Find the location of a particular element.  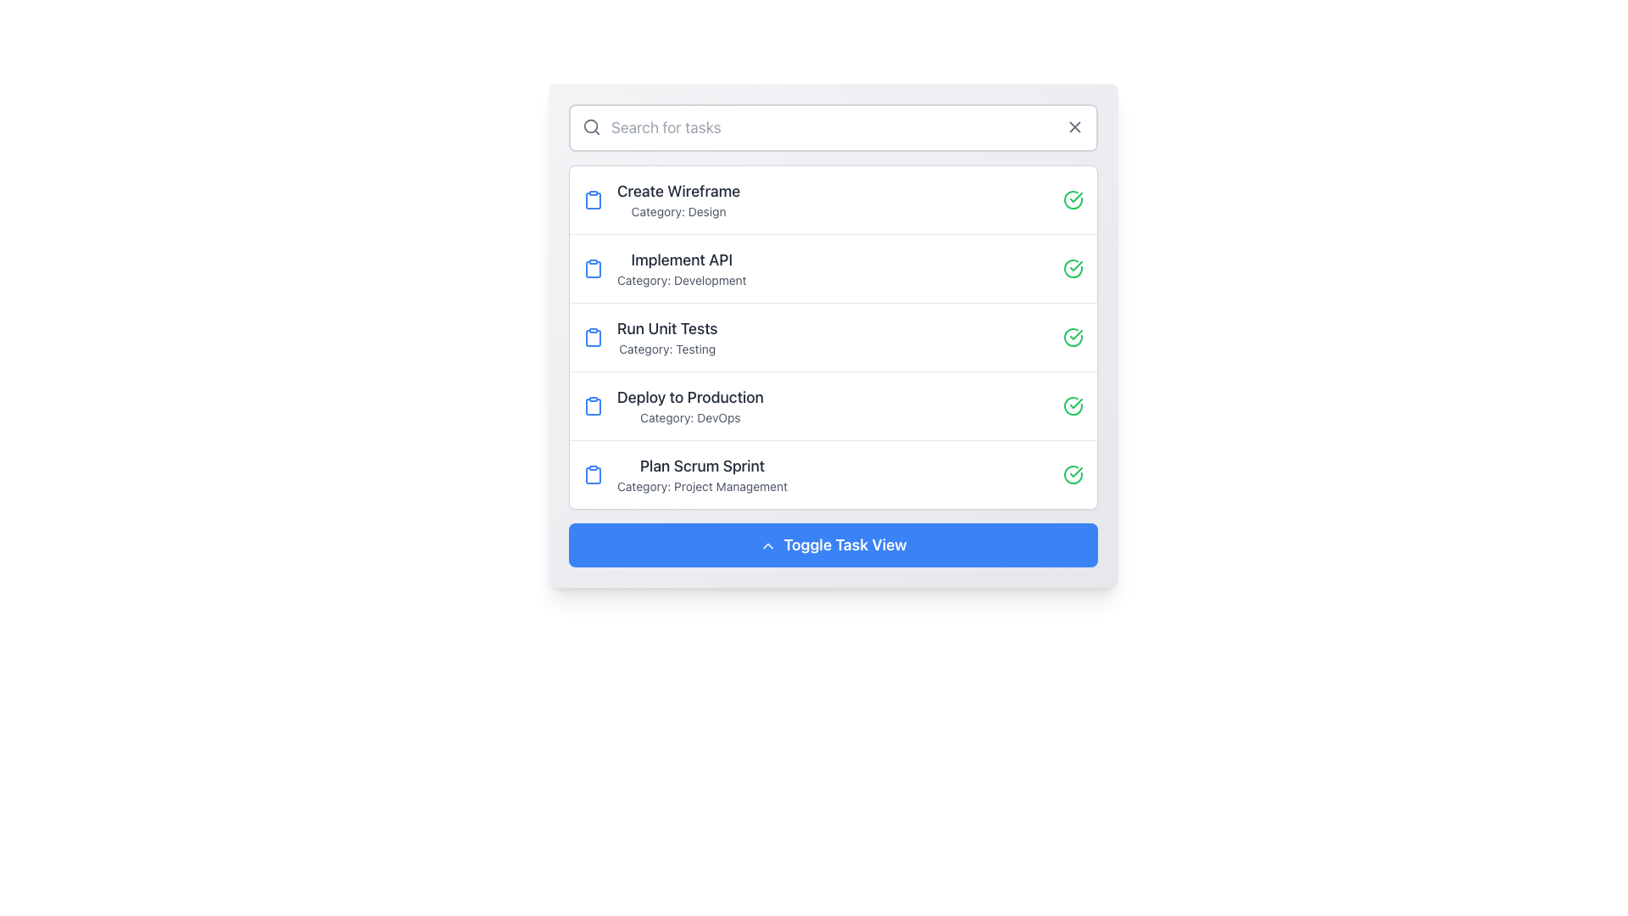

the text label styled in a small, gray font that says 'Category: Design', which is positioned directly beneath the larger title 'Create Wireframe' in the task list is located at coordinates (678, 211).